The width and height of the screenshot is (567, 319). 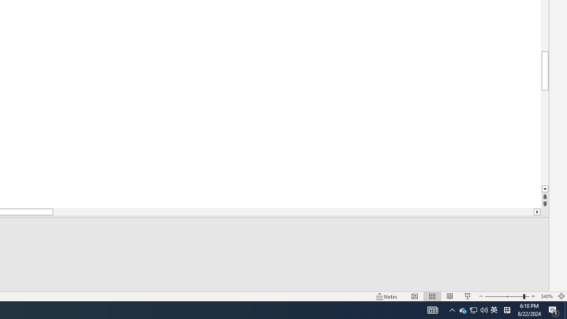 I want to click on 'Zoom In', so click(x=533, y=296).